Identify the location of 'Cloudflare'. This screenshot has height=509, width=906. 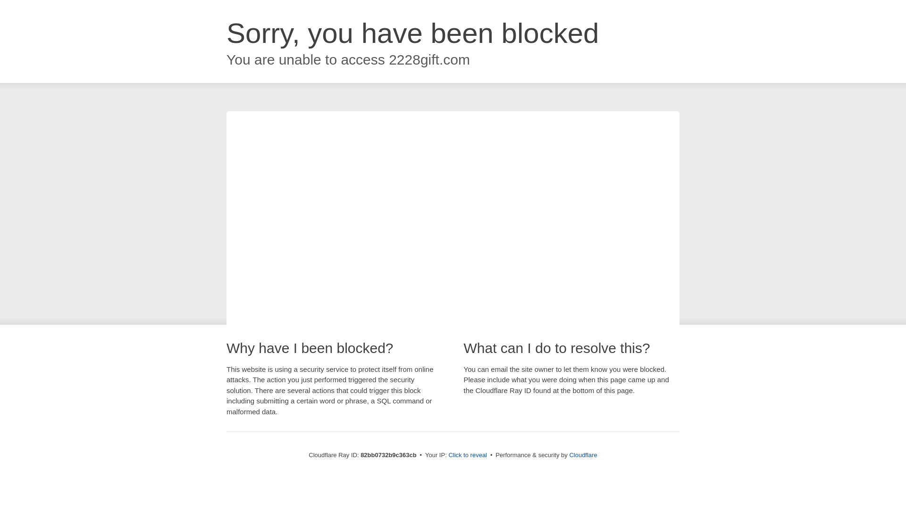
(582, 454).